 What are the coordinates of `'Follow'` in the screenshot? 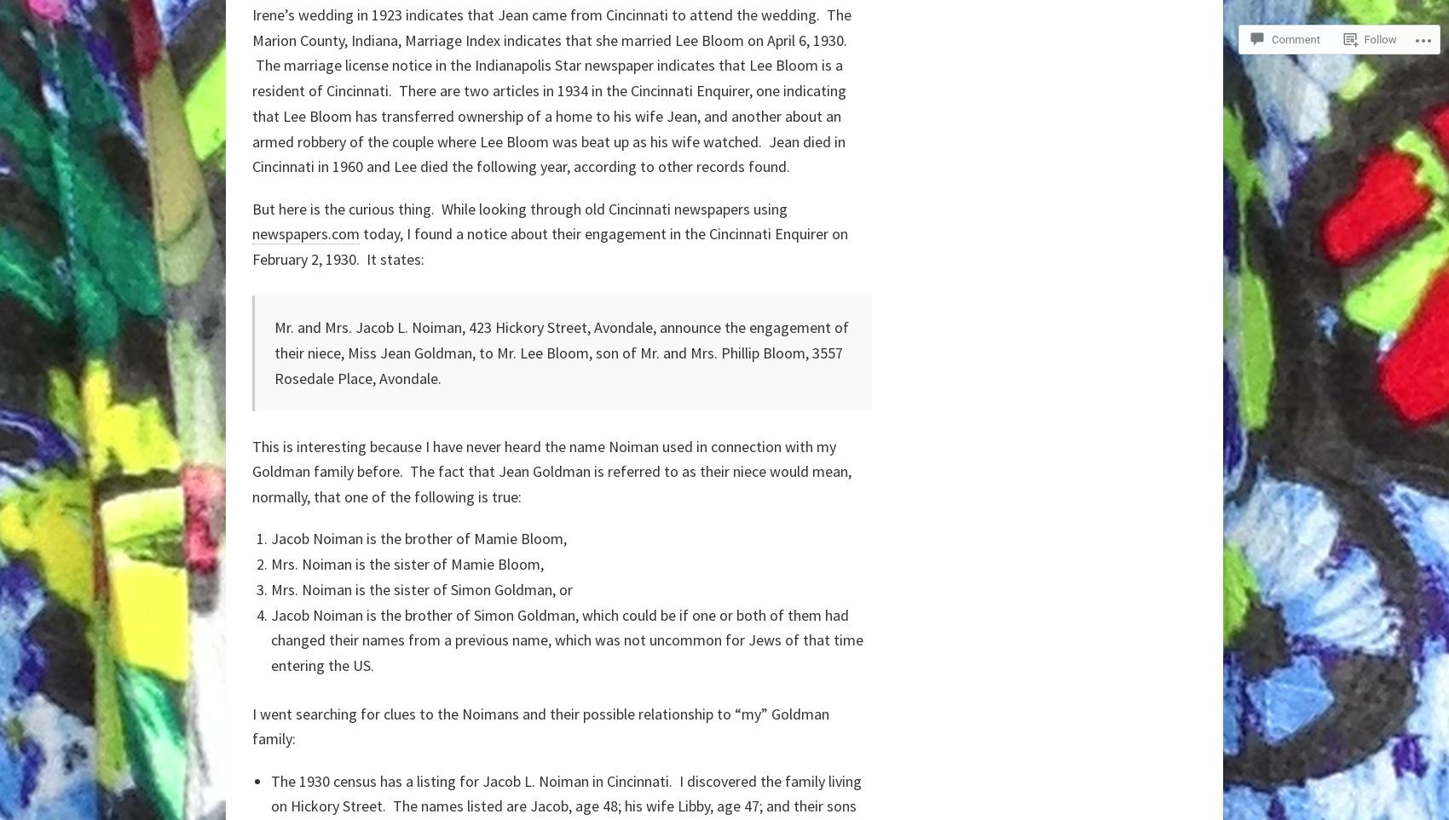 It's located at (1379, 39).